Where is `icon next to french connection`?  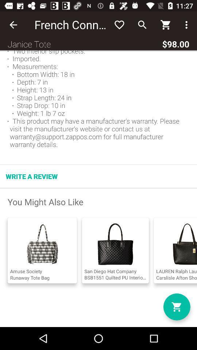
icon next to french connection is located at coordinates (13, 25).